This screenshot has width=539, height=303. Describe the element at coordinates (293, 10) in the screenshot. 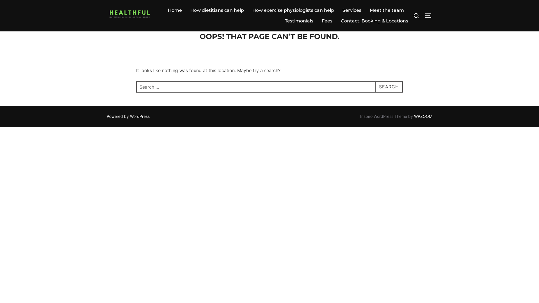

I see `'How exercise physiologists can help'` at that location.